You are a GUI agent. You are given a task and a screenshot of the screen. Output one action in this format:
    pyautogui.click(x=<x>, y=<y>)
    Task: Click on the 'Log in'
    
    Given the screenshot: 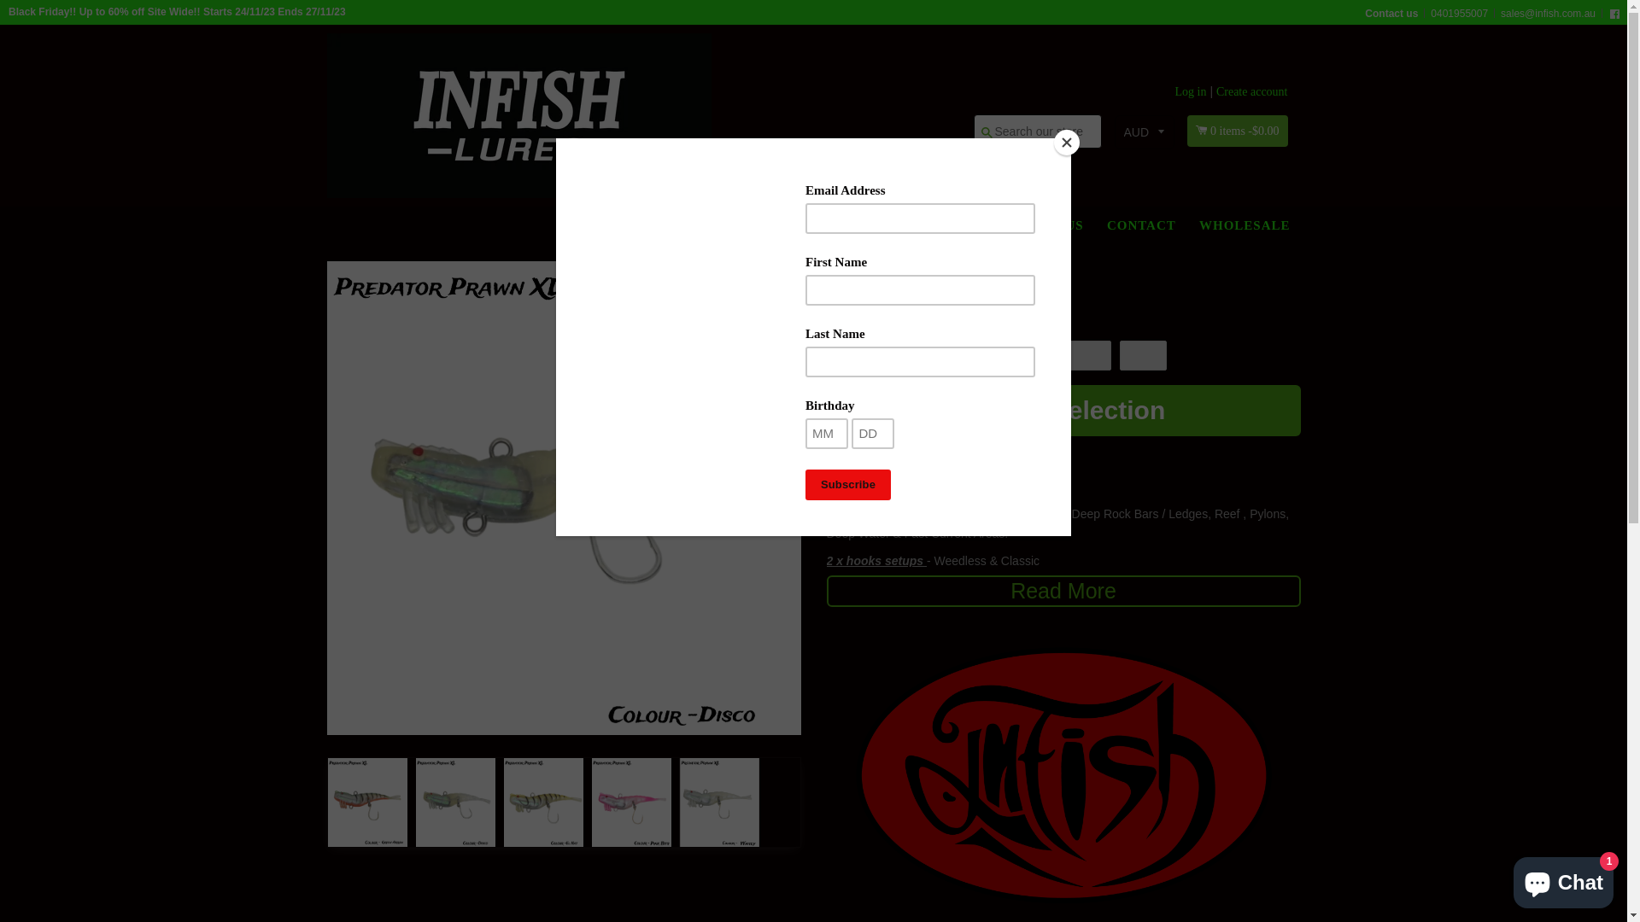 What is the action you would take?
    pyautogui.click(x=1190, y=91)
    